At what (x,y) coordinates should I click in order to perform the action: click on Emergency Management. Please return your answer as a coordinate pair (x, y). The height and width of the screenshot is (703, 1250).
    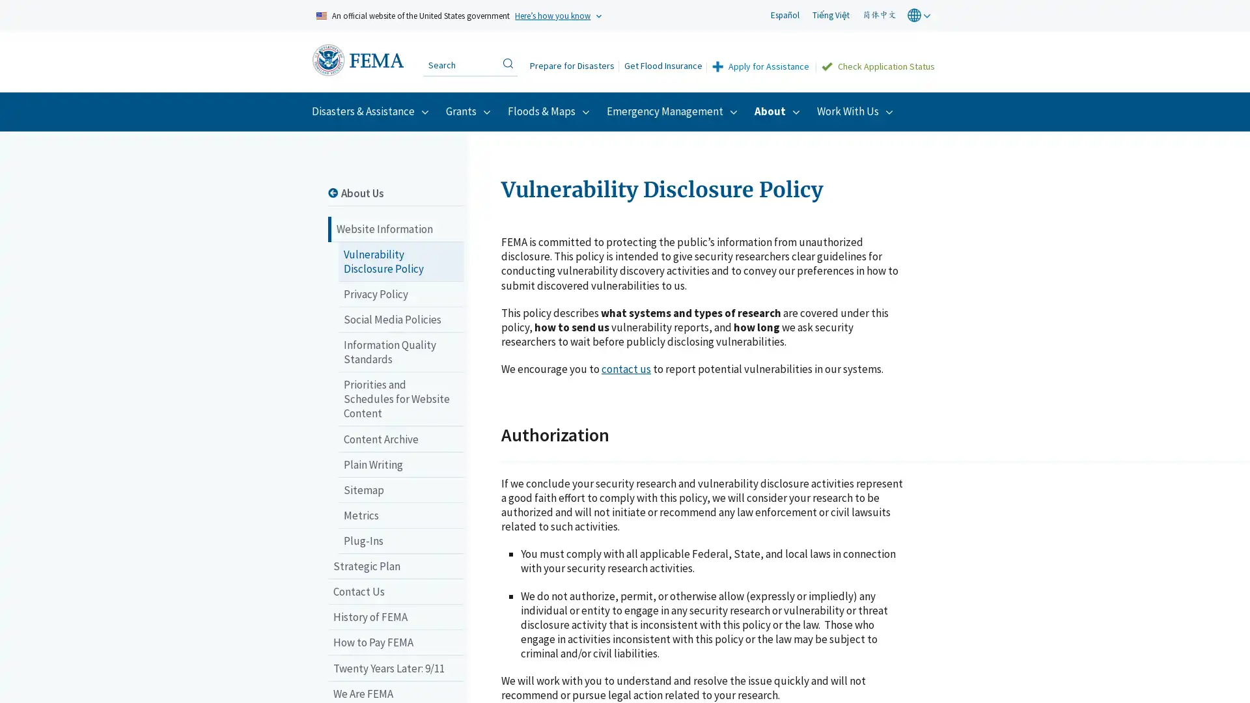
    Looking at the image, I should click on (674, 110).